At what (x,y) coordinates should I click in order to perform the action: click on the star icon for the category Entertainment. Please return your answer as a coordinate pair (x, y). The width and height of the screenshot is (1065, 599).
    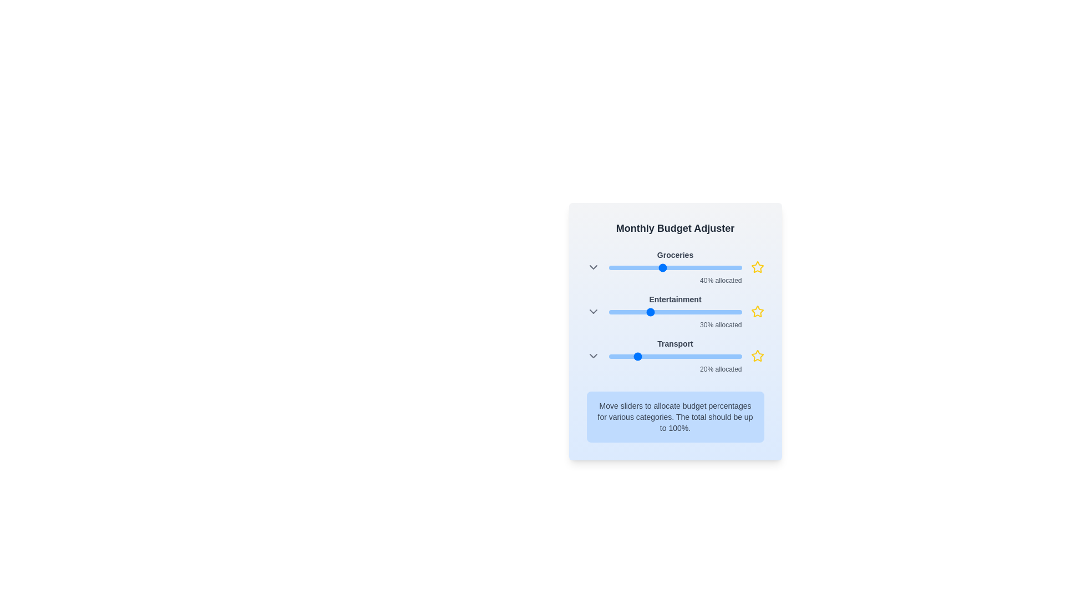
    Looking at the image, I should click on (757, 312).